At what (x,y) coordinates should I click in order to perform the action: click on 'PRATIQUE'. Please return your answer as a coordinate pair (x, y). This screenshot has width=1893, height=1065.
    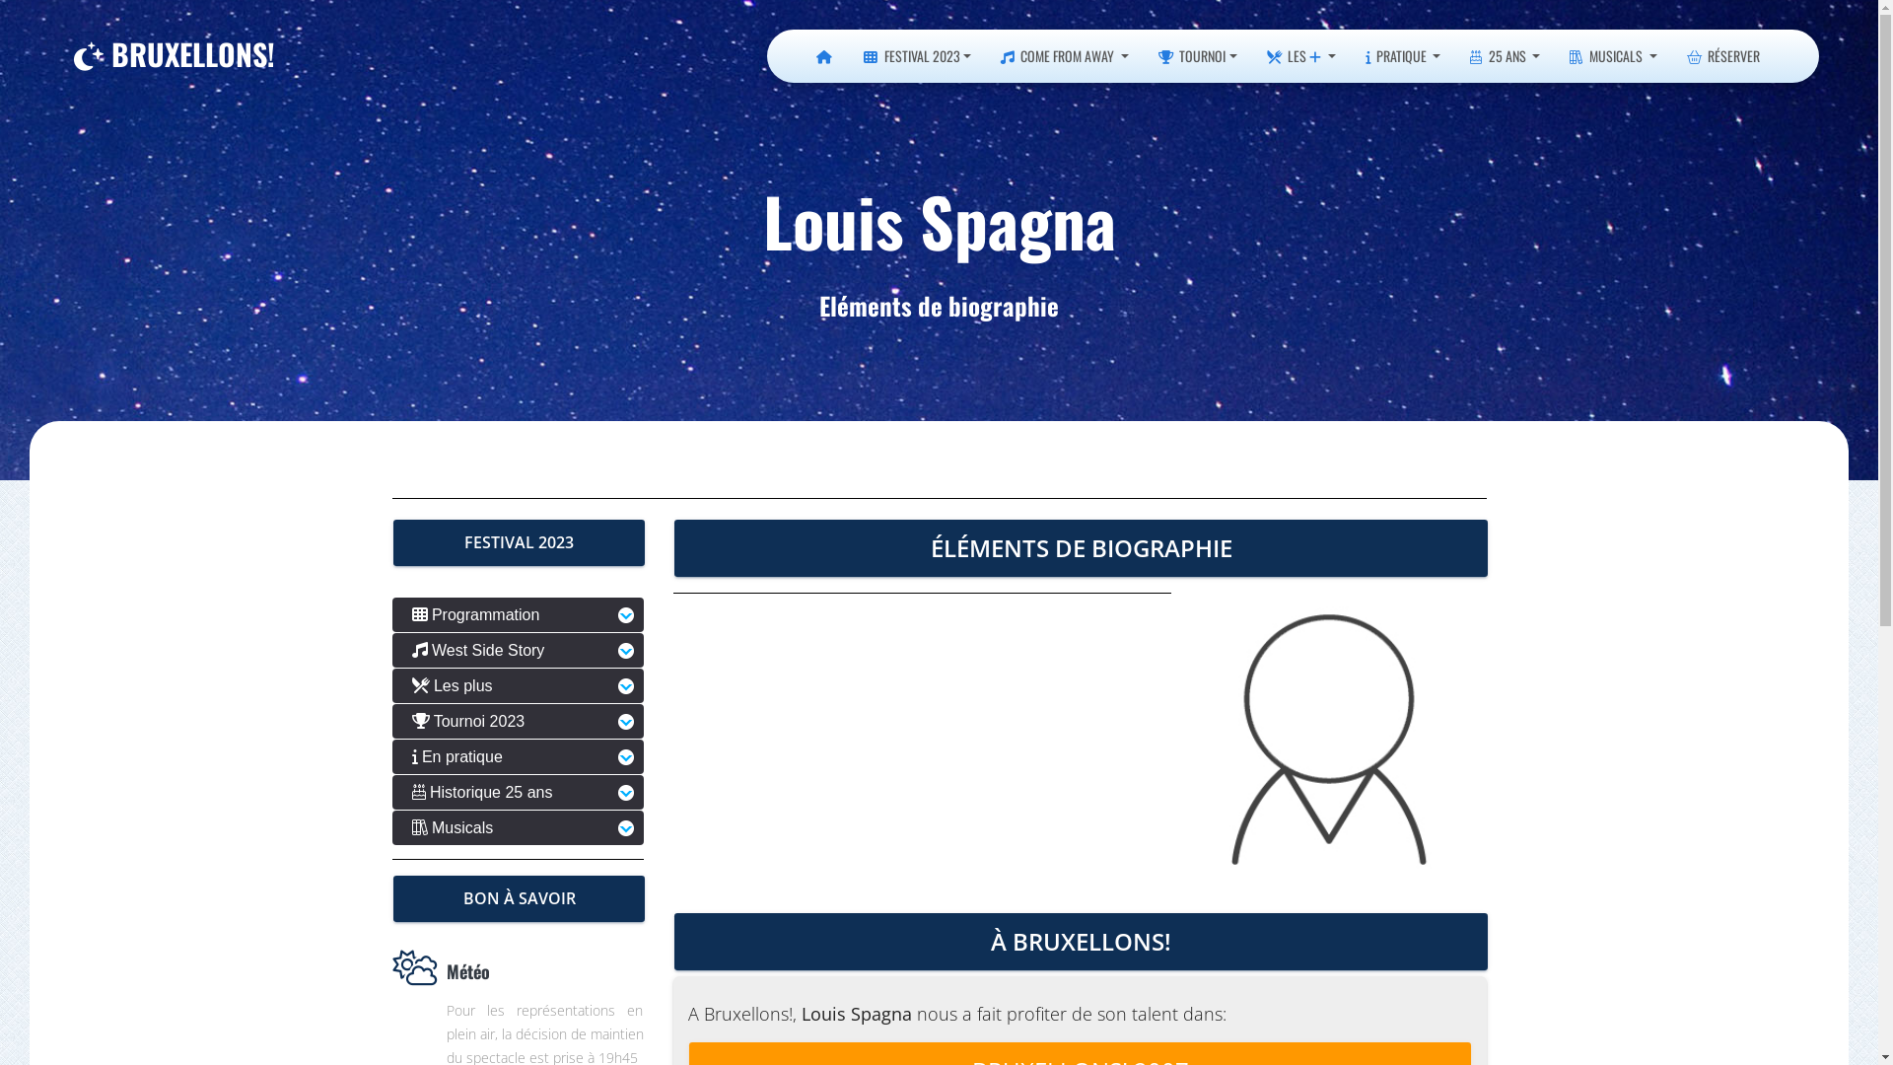
    Looking at the image, I should click on (1402, 55).